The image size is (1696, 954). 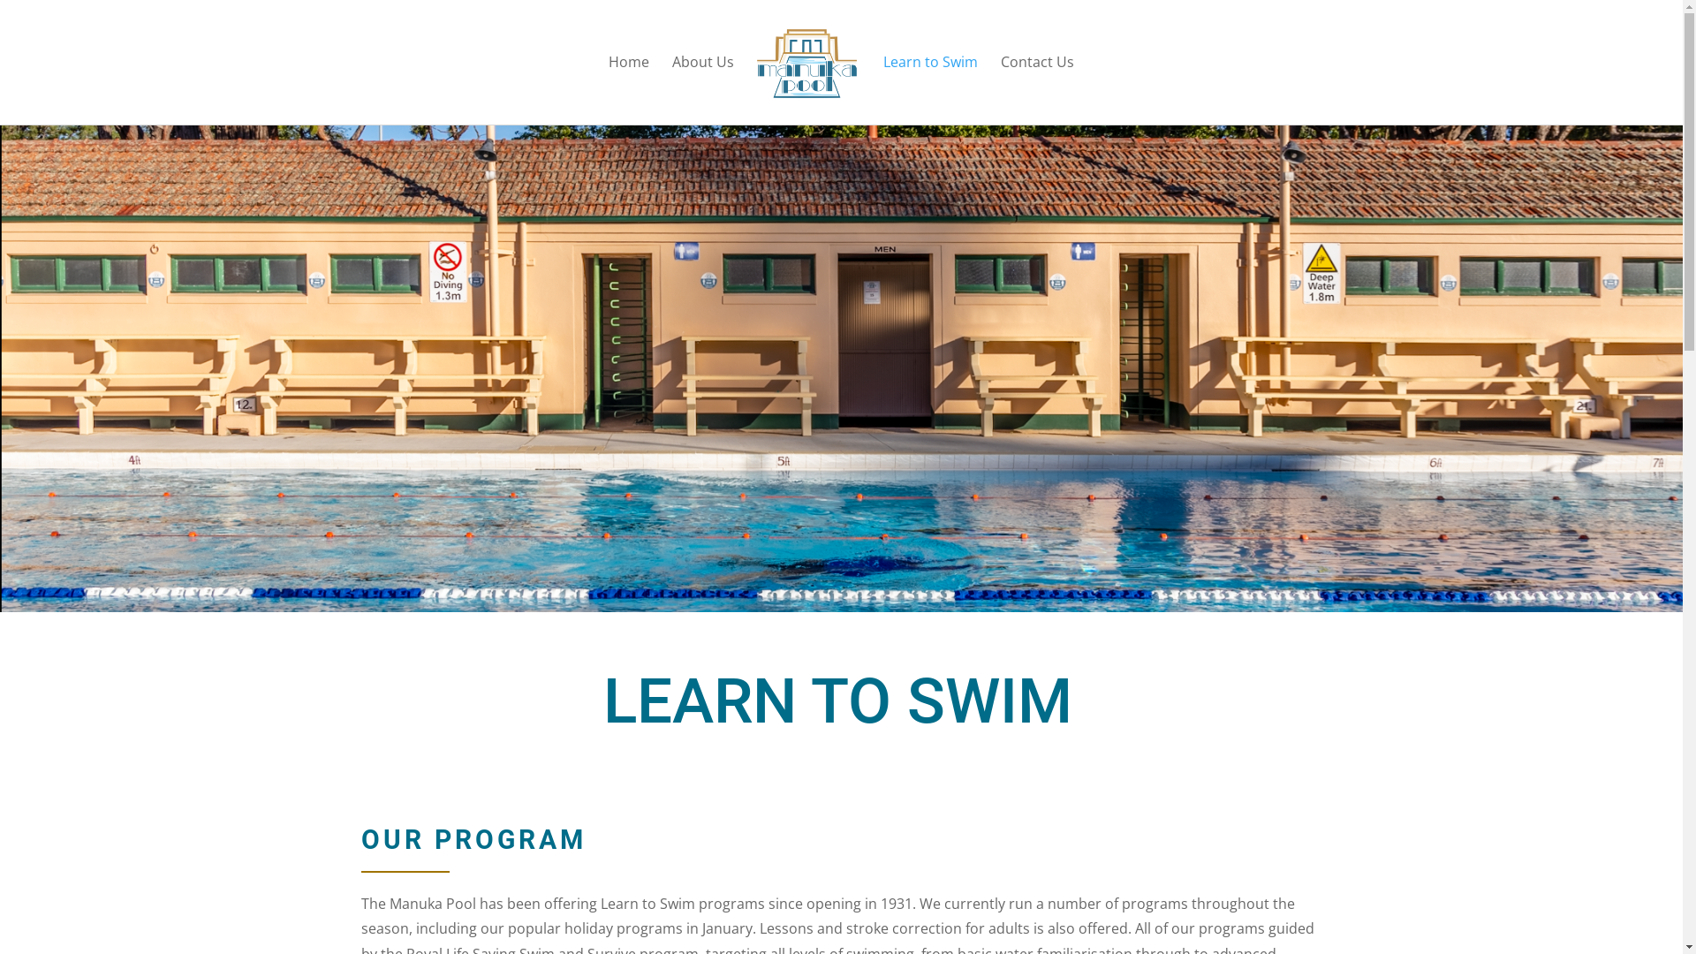 What do you see at coordinates (702, 89) in the screenshot?
I see `'About Us'` at bounding box center [702, 89].